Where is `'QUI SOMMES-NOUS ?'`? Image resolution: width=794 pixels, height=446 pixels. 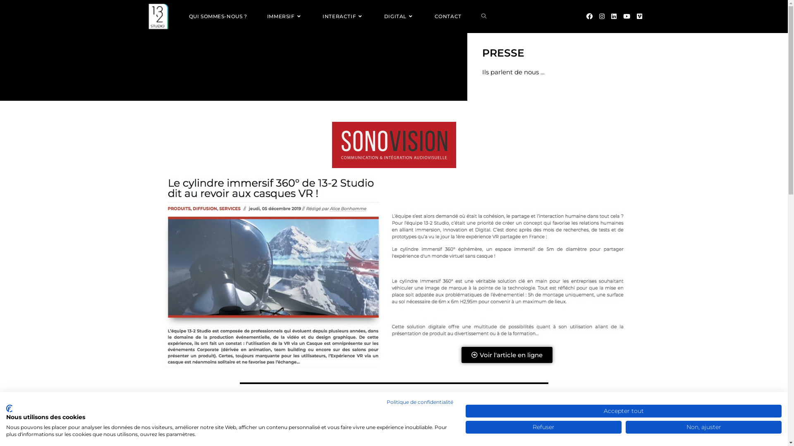
'QUI SOMMES-NOUS ?' is located at coordinates (218, 16).